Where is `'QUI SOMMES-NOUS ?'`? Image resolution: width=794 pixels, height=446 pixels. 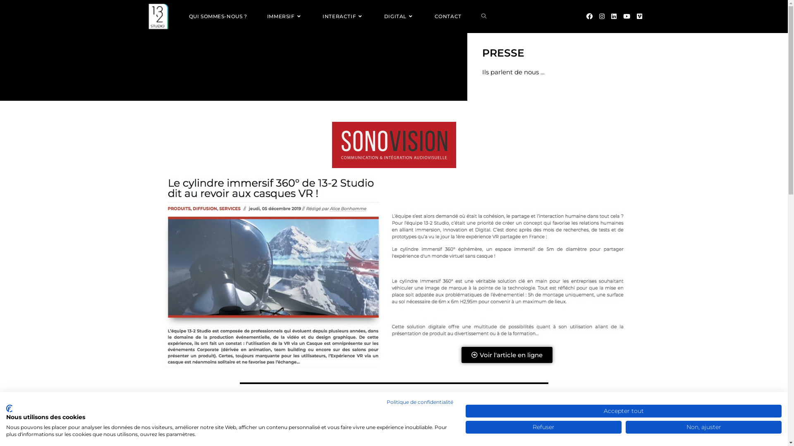
'QUI SOMMES-NOUS ?' is located at coordinates (218, 16).